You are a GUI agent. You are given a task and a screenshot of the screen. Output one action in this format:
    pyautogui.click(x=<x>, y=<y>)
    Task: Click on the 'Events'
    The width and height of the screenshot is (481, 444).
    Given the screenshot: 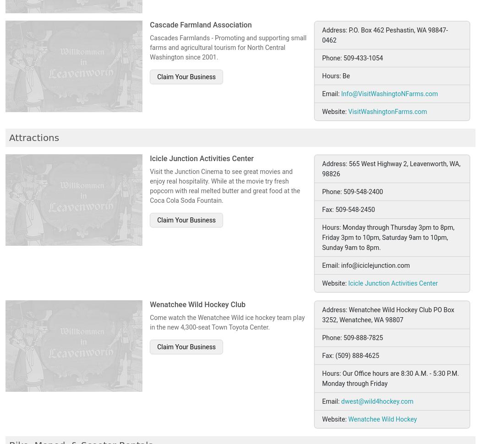 What is the action you would take?
    pyautogui.click(x=50, y=364)
    